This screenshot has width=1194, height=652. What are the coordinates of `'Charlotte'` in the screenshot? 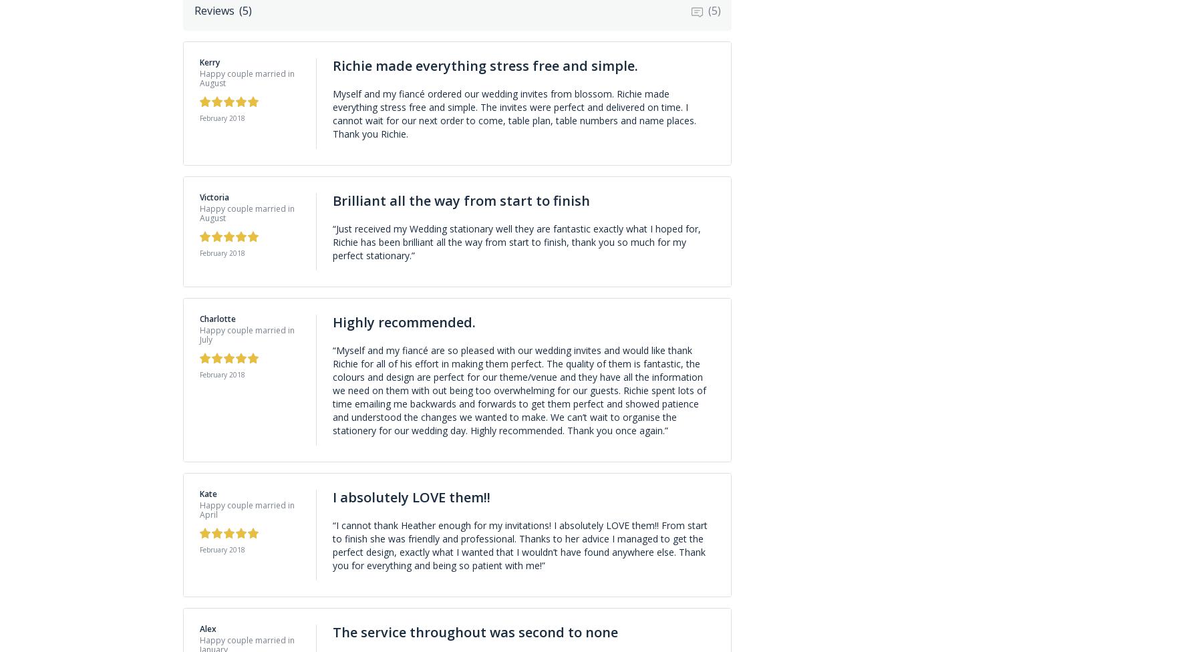 It's located at (216, 317).